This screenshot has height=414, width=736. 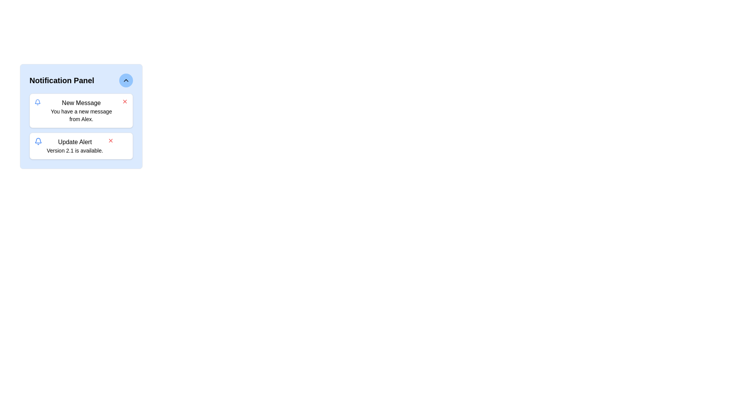 I want to click on text from the notification message labeled 'You have a new message from Alex.' located within the 'New Message' notification card, so click(x=81, y=115).